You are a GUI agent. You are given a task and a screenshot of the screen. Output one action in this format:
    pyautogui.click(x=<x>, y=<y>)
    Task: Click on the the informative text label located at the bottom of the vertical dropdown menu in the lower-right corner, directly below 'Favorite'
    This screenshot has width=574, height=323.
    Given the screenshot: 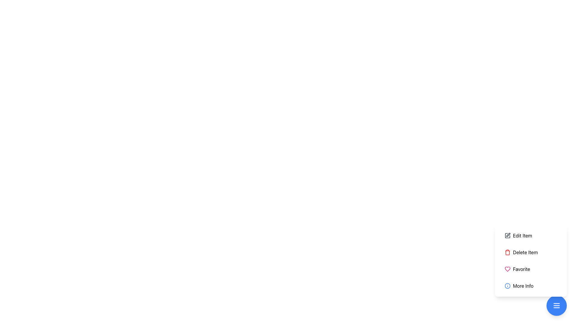 What is the action you would take?
    pyautogui.click(x=523, y=286)
    